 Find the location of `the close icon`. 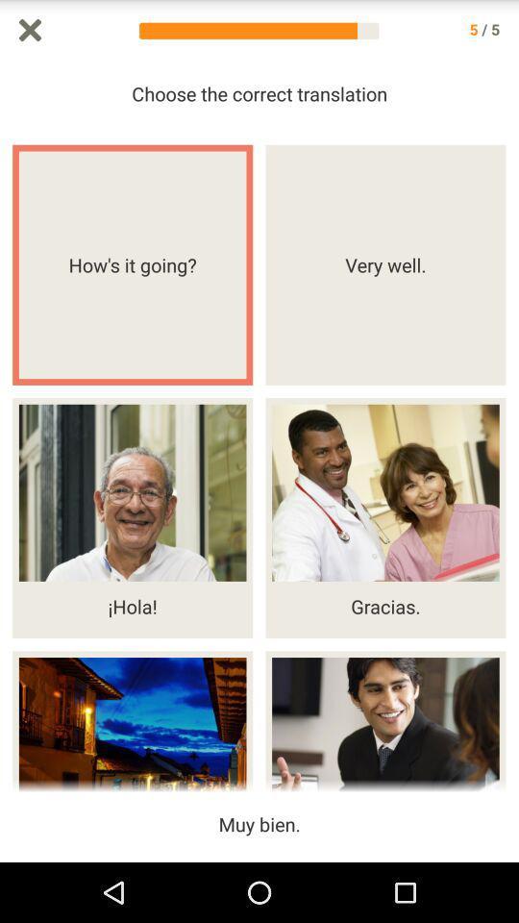

the close icon is located at coordinates (29, 31).